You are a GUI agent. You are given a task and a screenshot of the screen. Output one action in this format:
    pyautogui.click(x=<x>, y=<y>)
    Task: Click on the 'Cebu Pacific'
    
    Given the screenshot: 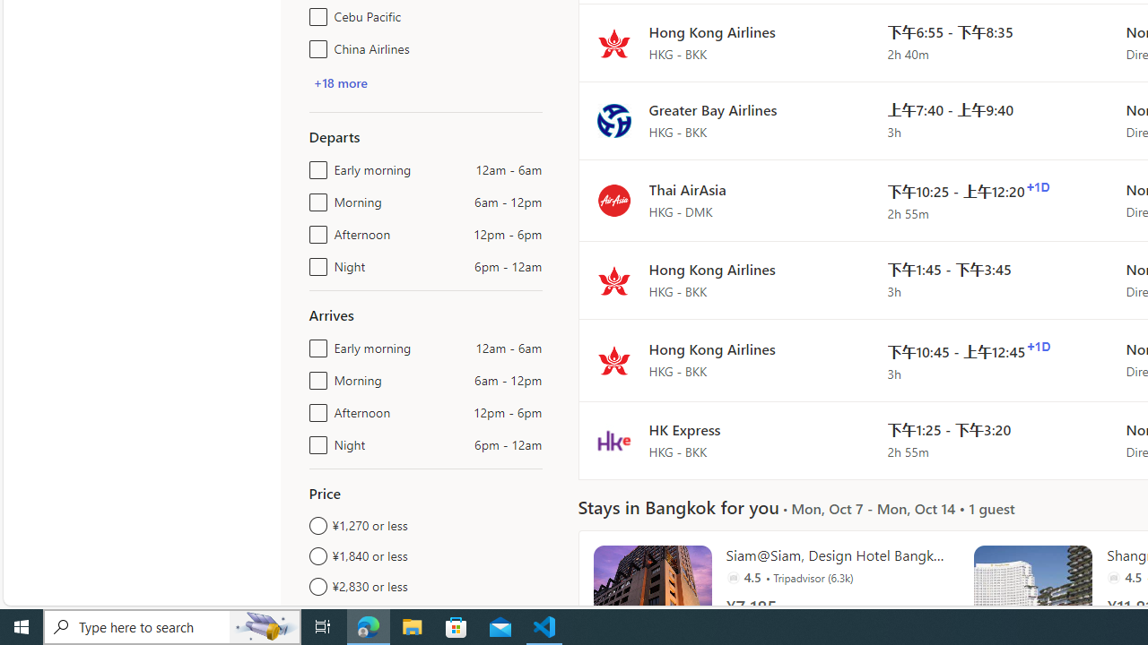 What is the action you would take?
    pyautogui.click(x=315, y=13)
    